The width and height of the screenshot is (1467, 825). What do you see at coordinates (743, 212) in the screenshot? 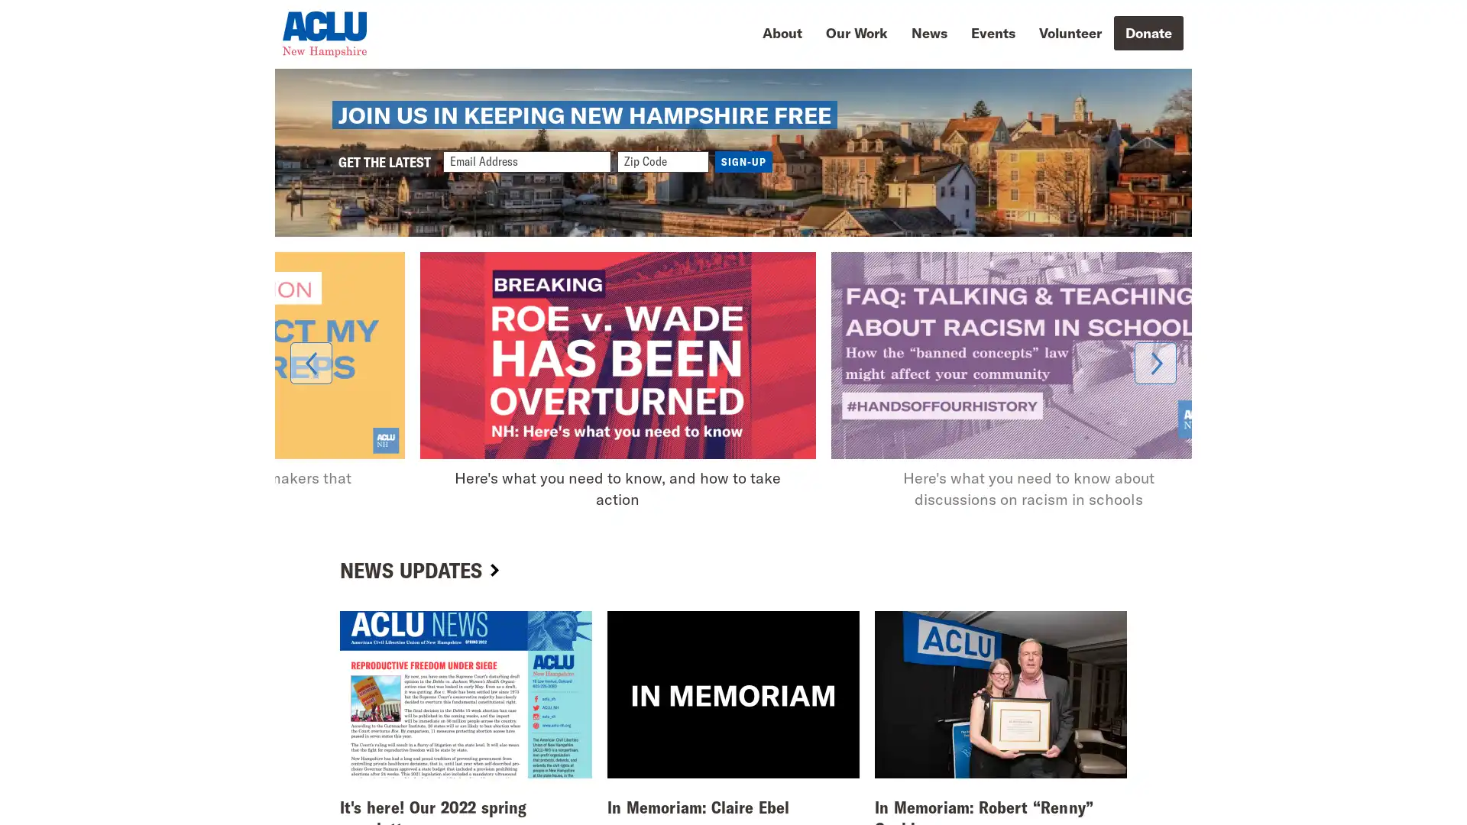
I see `Sign-Up` at bounding box center [743, 212].